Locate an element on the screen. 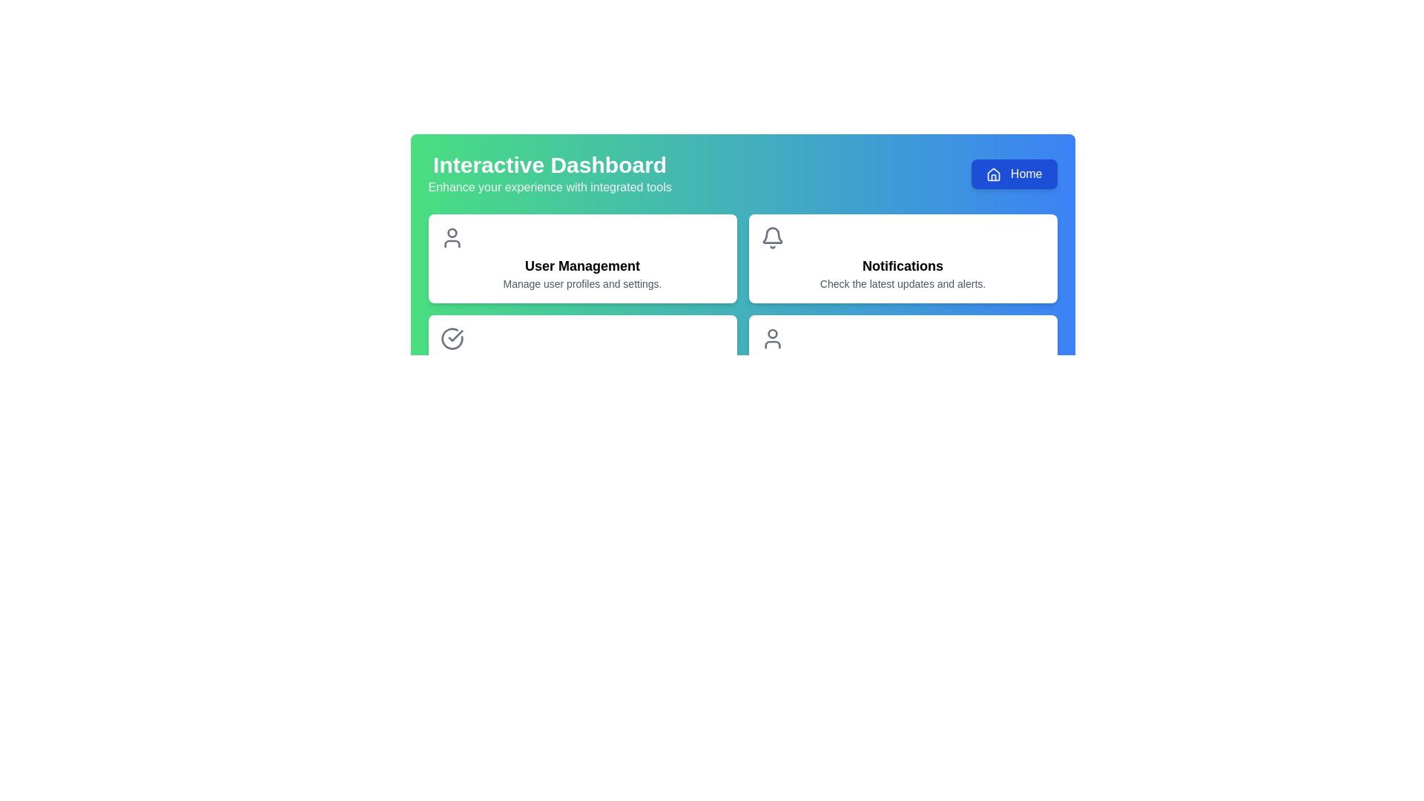  the task monitoring card located in the second row of the grid layout, positioned below the 'User Management' card and to the left of the 'Team Collaboration' card is located at coordinates (581, 360).